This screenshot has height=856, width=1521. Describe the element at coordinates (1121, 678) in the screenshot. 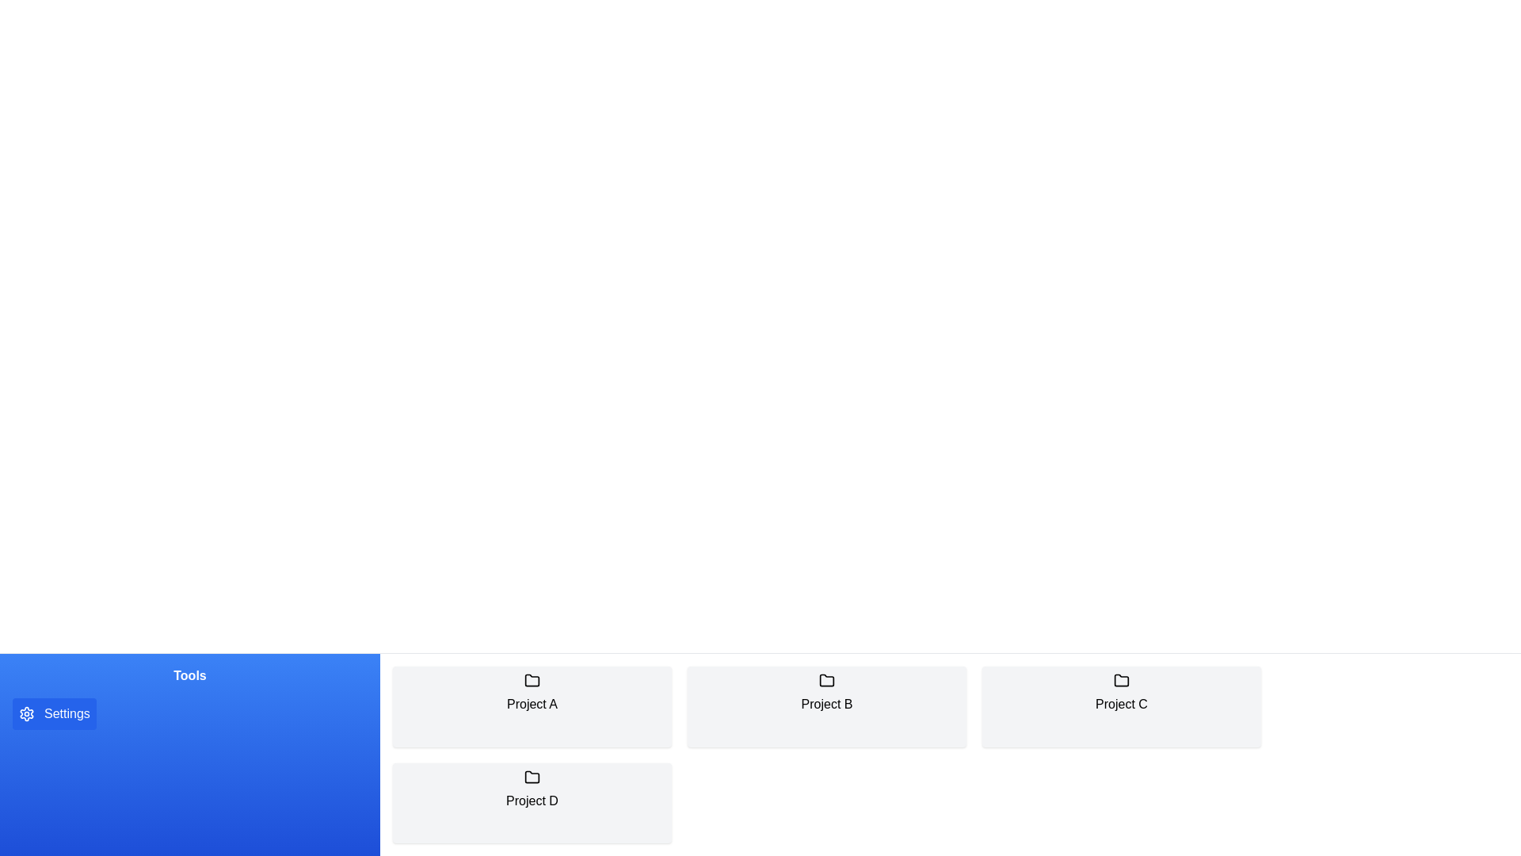

I see `the folder icon located in the fourth column of the first row, just above the text labeled 'Project C'` at that location.